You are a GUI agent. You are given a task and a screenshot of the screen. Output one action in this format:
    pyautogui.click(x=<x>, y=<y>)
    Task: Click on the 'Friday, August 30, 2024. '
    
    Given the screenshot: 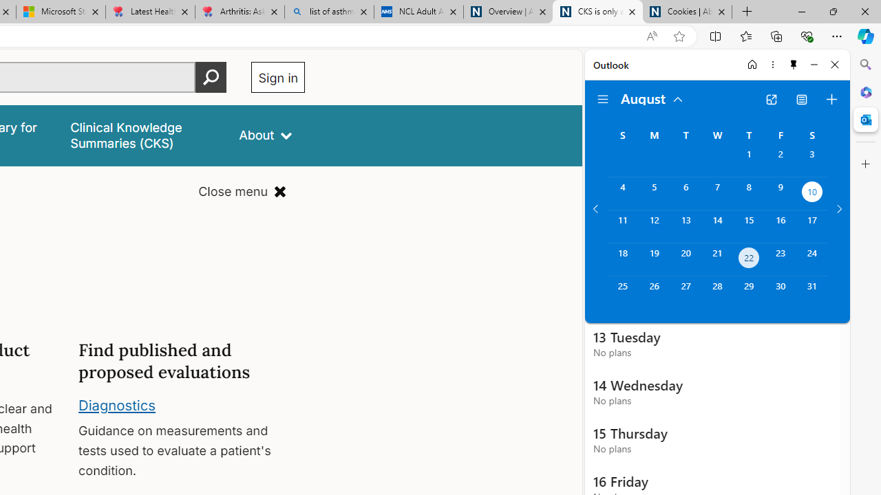 What is the action you would take?
    pyautogui.click(x=781, y=291)
    